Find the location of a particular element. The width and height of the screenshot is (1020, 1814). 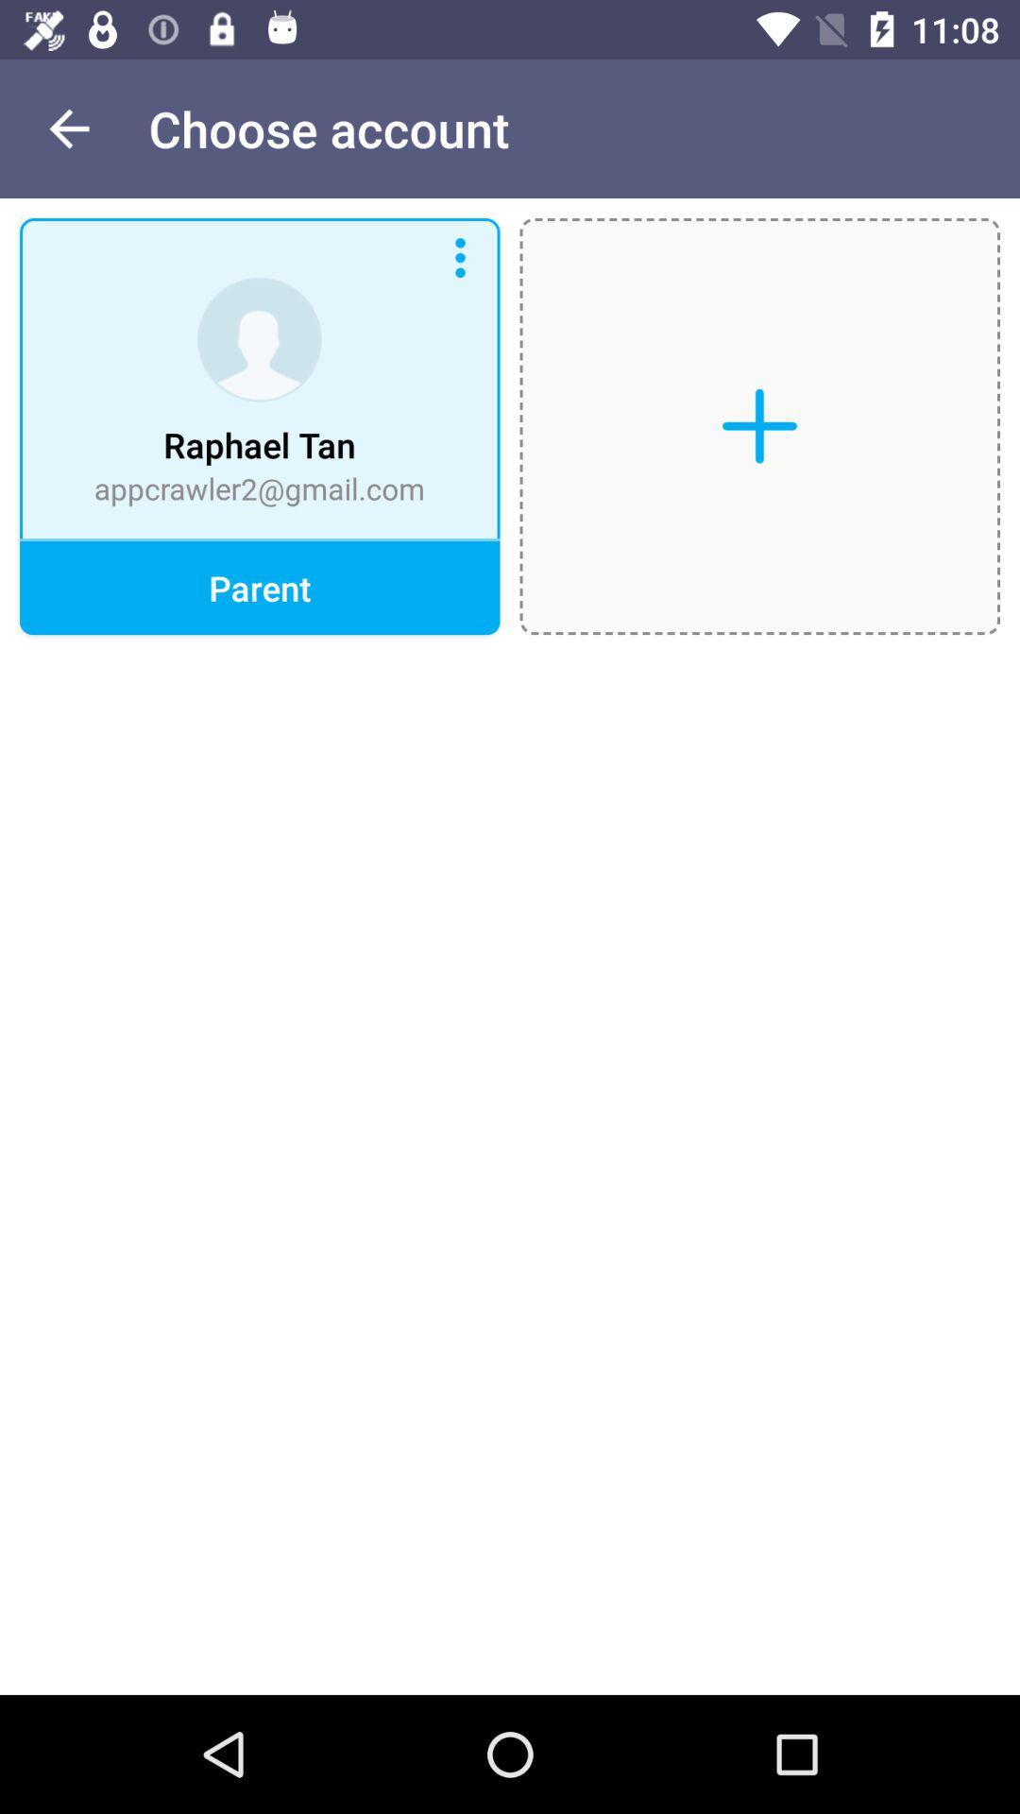

open options is located at coordinates (460, 257).